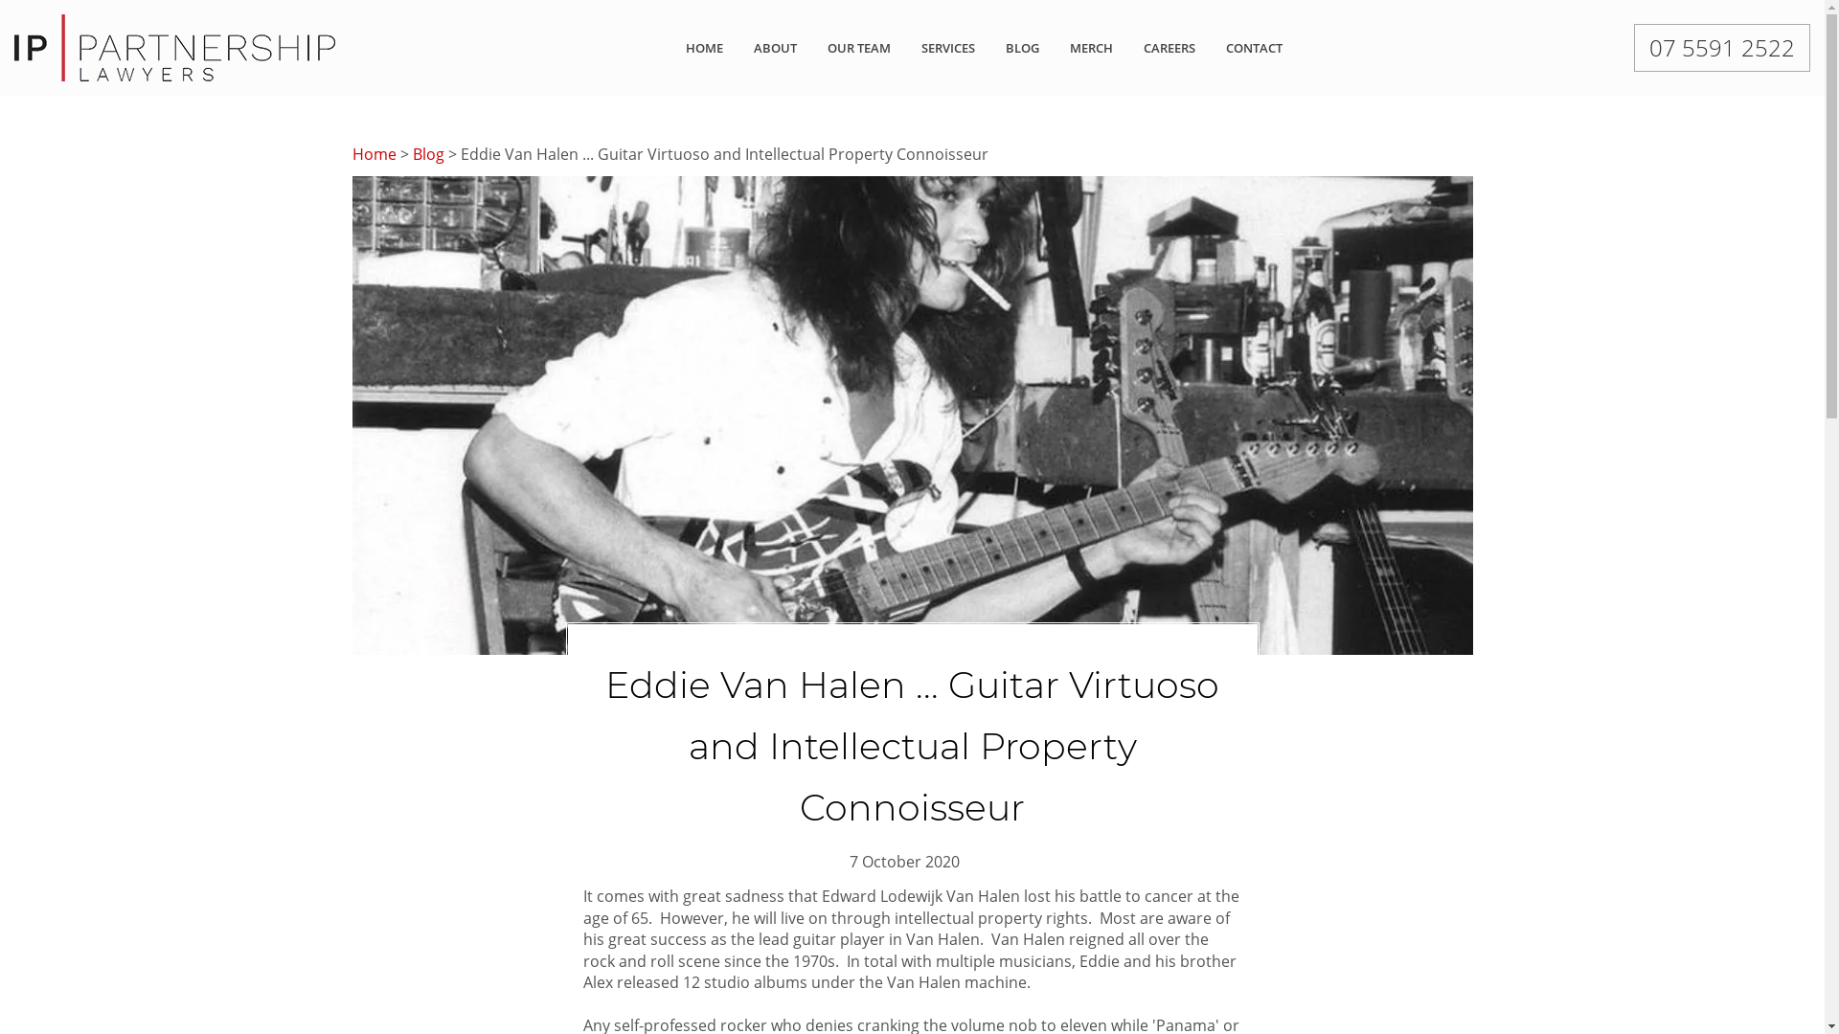  Describe the element at coordinates (775, 47) in the screenshot. I see `'ABOUT'` at that location.